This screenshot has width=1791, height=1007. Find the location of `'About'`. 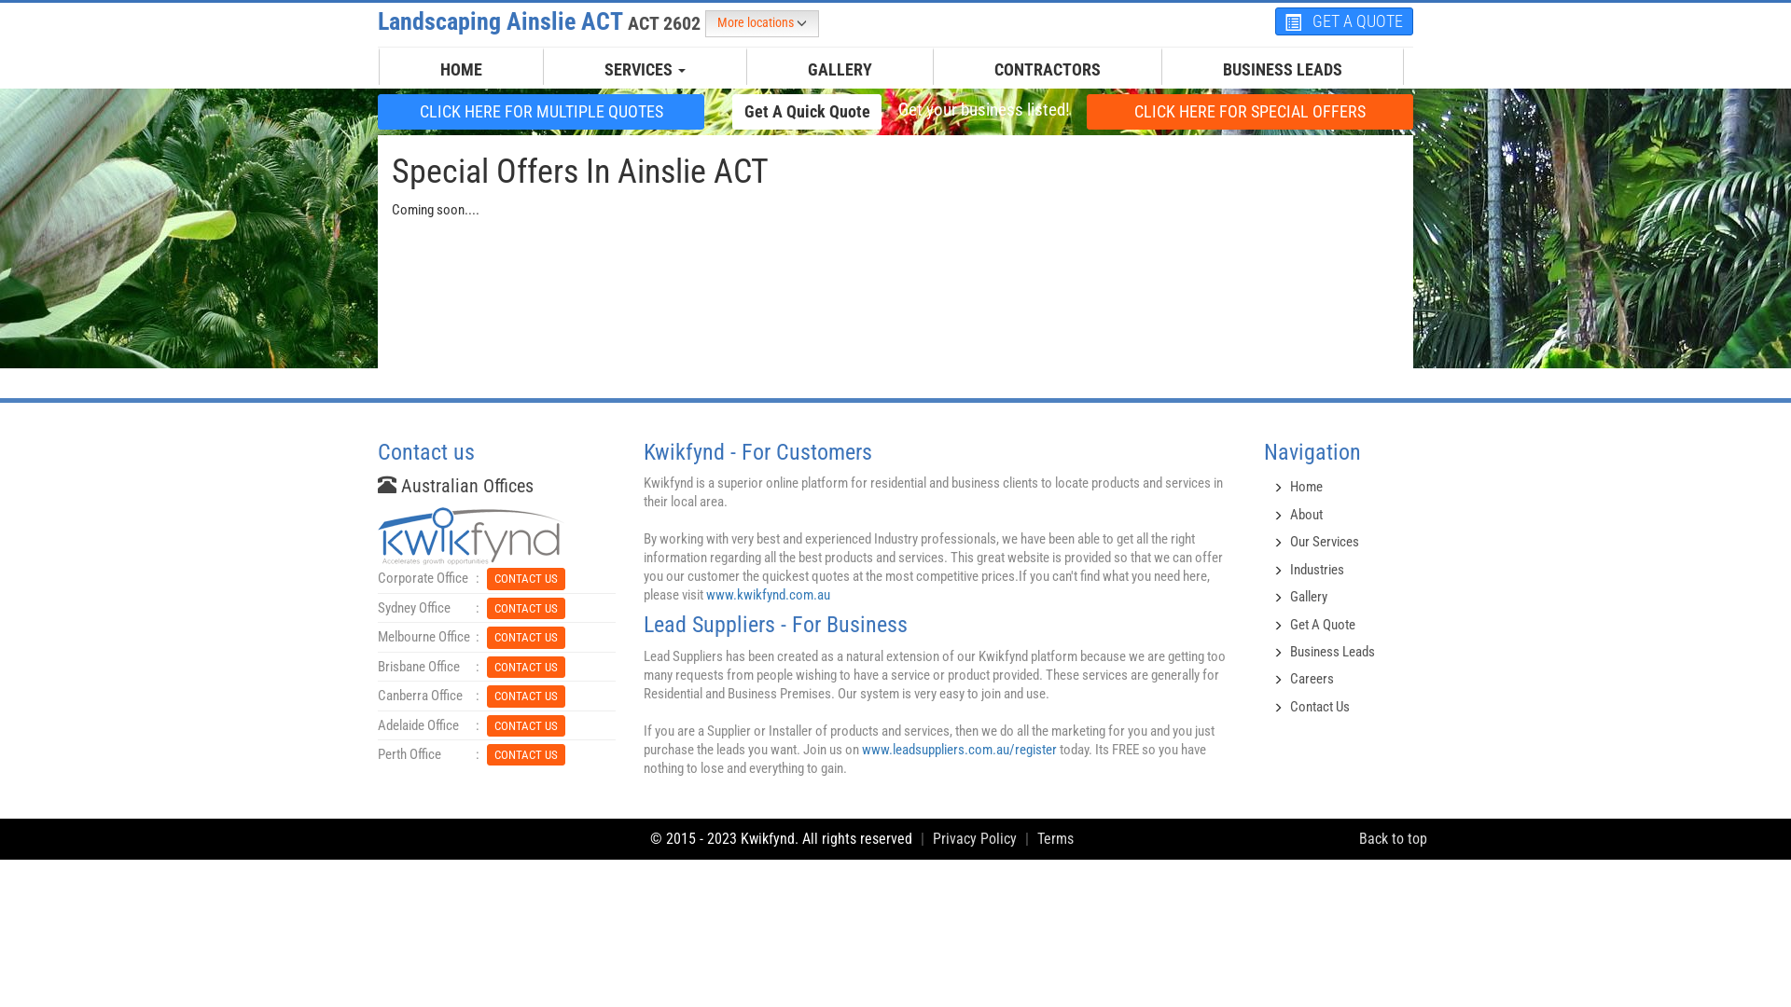

'About' is located at coordinates (1305, 514).